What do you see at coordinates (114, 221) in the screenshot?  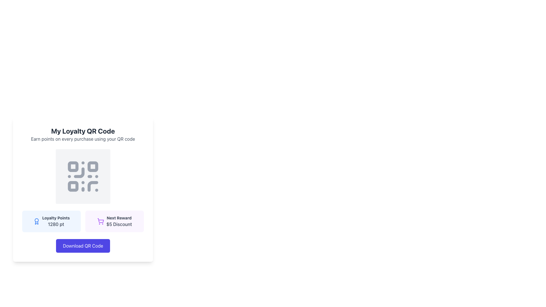 I see `the informative card displaying the user's next loyalty reward, located in the bottom-right section of the grid layout` at bounding box center [114, 221].